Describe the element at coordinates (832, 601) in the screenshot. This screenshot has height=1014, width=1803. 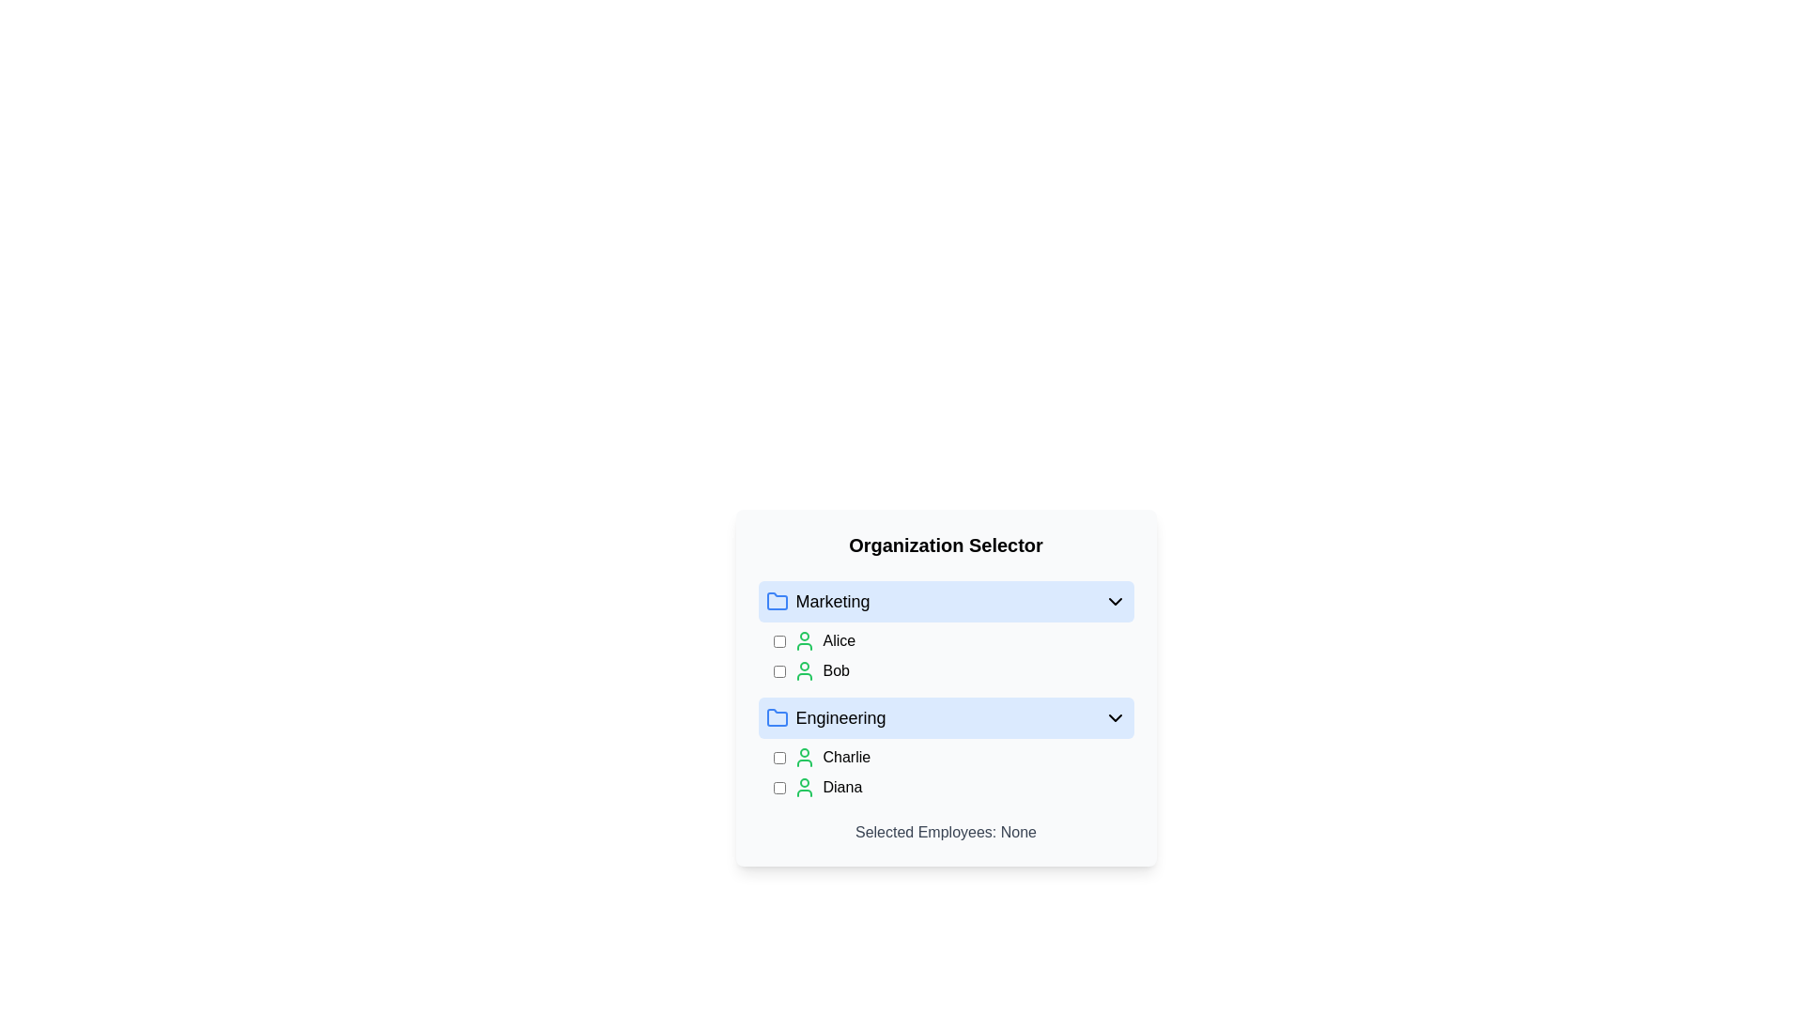
I see `the 'Marketing' text label in the first collapsible section, which indicates the employees belong to the Marketing department` at that location.